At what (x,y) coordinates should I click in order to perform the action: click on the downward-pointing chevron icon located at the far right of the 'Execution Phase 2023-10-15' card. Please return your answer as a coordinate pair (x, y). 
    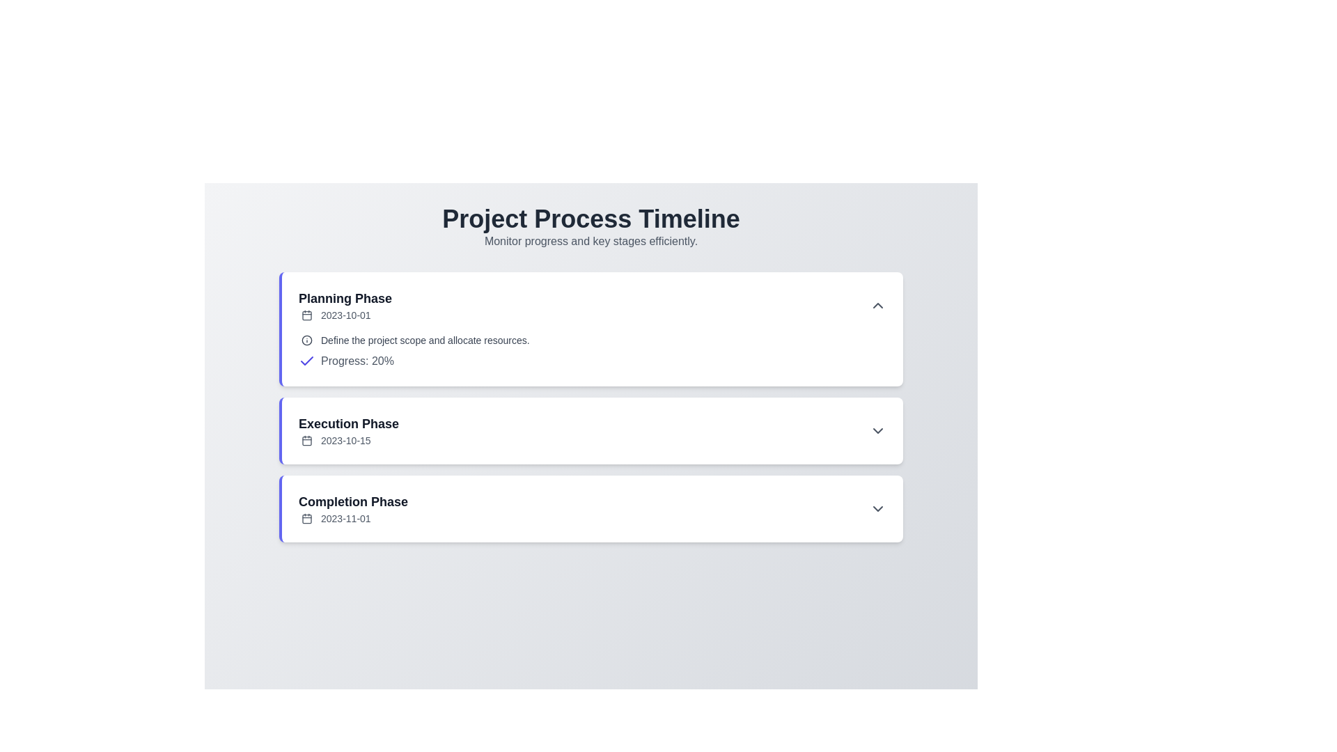
    Looking at the image, I should click on (877, 430).